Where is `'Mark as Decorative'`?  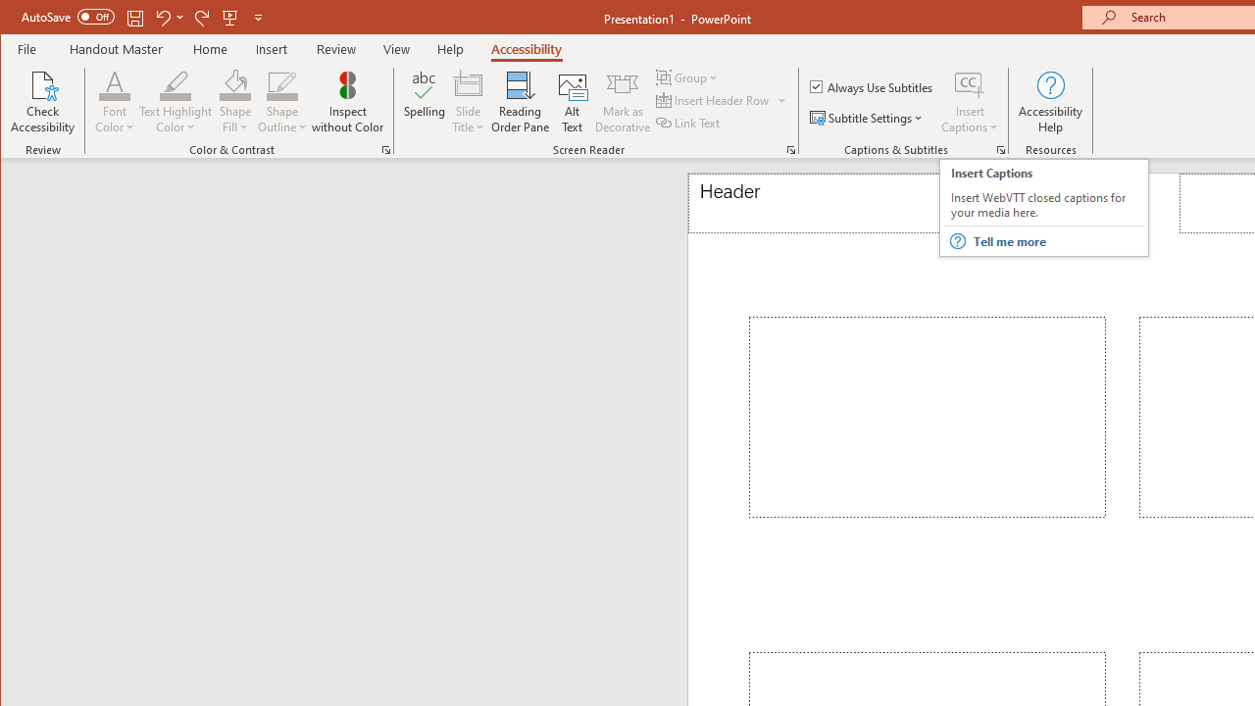 'Mark as Decorative' is located at coordinates (622, 102).